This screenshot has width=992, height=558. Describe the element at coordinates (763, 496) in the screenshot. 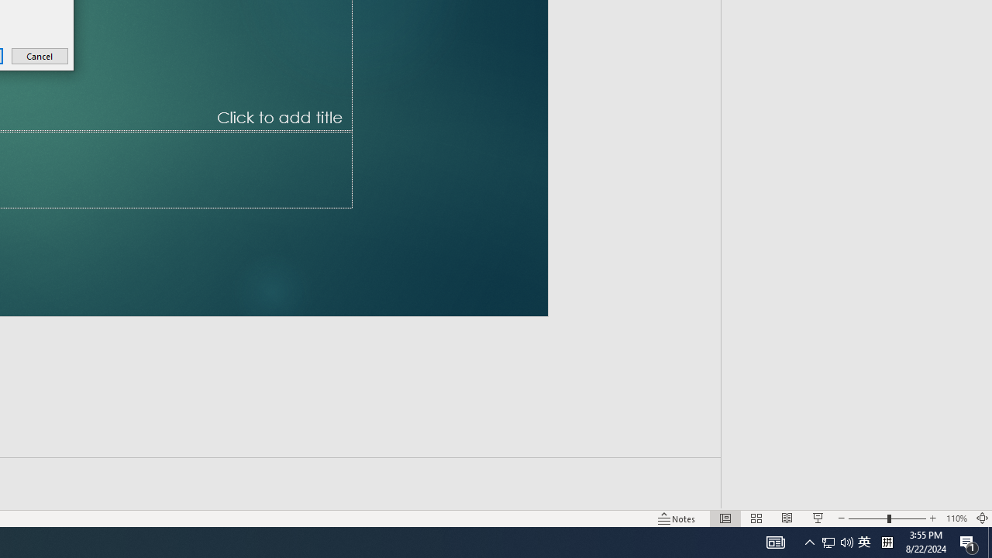

I see `'Web Layout'` at that location.